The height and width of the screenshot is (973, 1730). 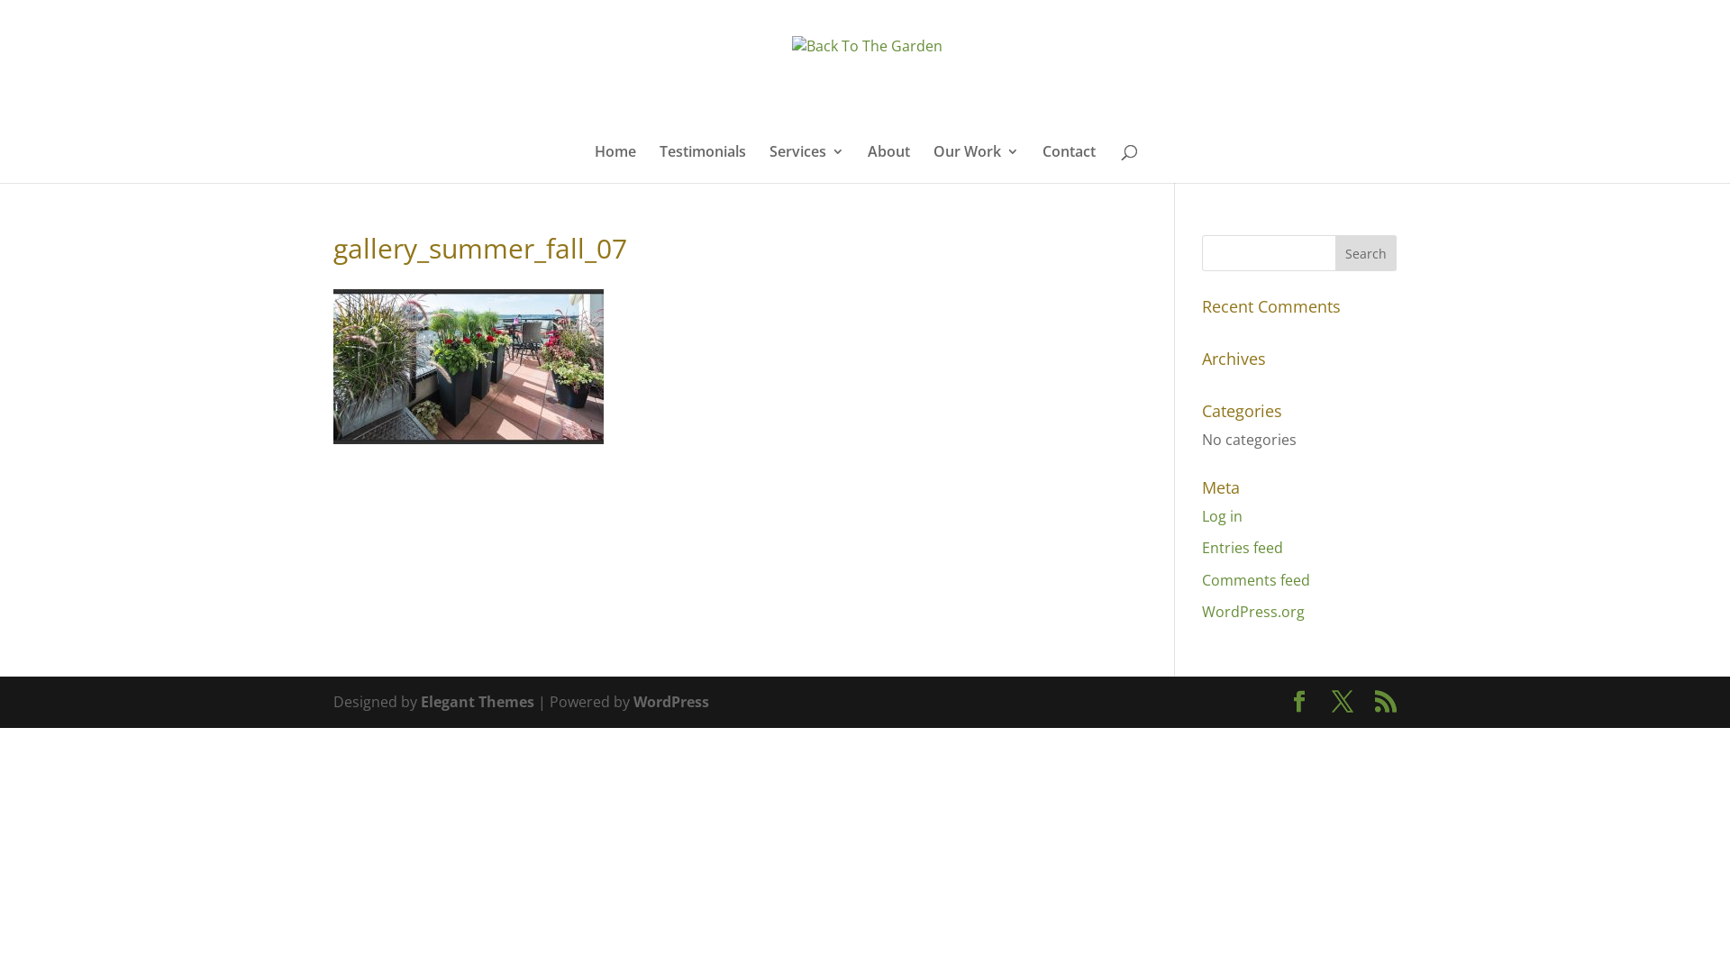 What do you see at coordinates (1252, 610) in the screenshot?
I see `'WordPress.org'` at bounding box center [1252, 610].